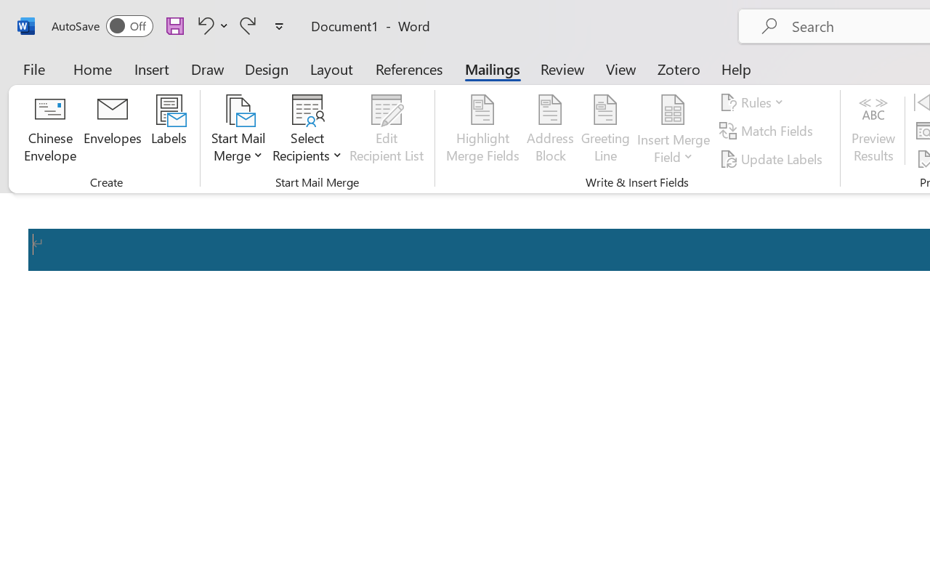 The width and height of the screenshot is (930, 581). Describe the element at coordinates (767, 130) in the screenshot. I see `'Match Fields...'` at that location.